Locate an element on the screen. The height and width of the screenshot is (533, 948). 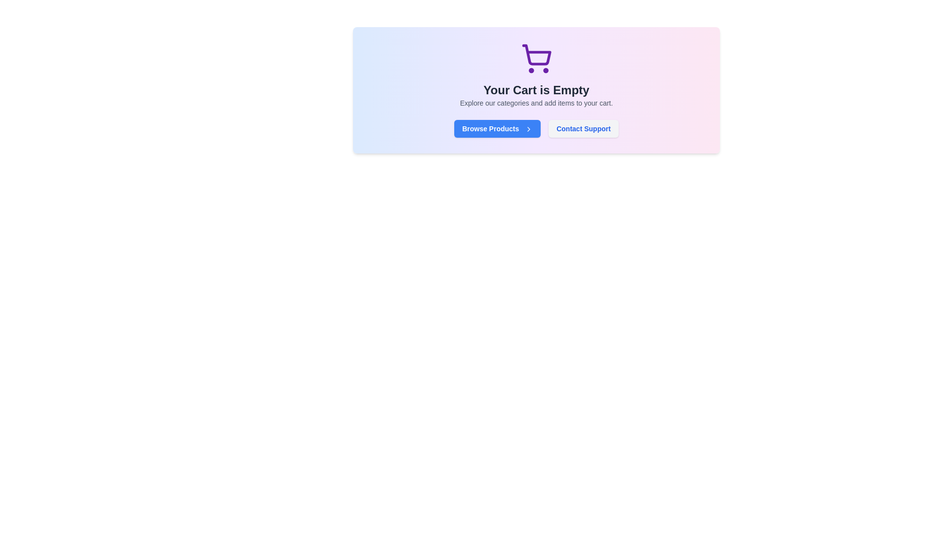
the bold text display that says 'Your Cart is Empty', which is centrally positioned within a rounded, gradient-shaded box is located at coordinates (536, 90).